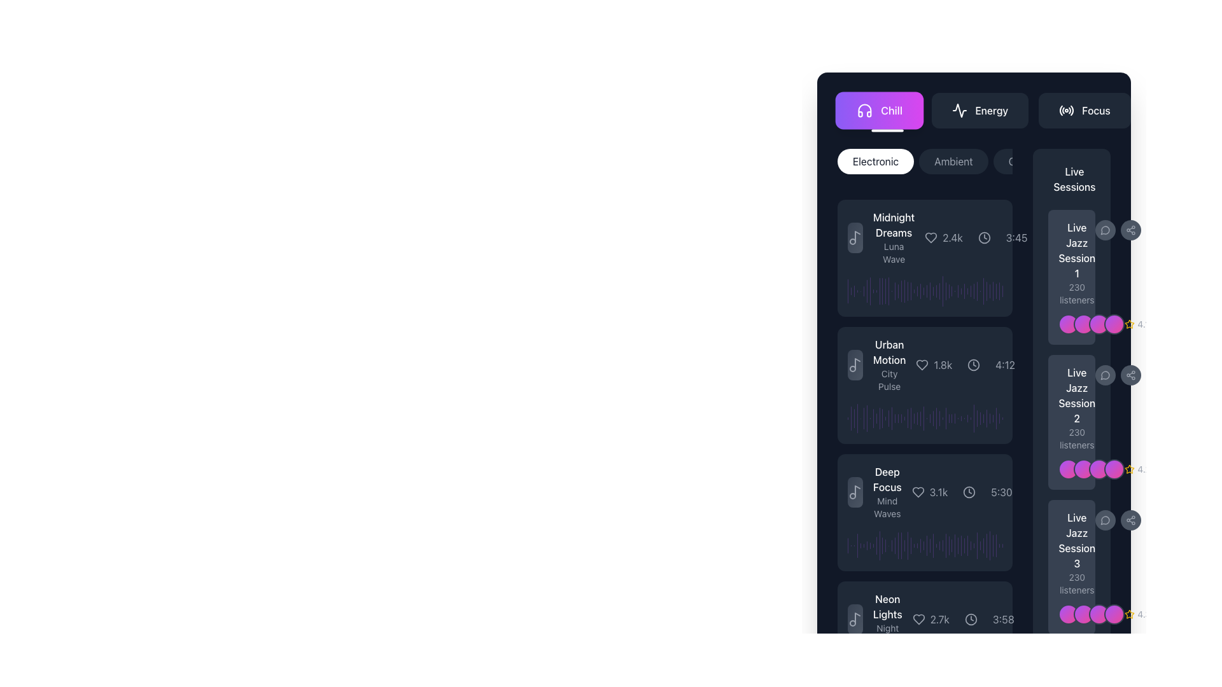  I want to click on the static text display for 'Live Jazz Session 3' which is the third item in the list of live sessions, located on the right side of the UI, so click(1071, 553).